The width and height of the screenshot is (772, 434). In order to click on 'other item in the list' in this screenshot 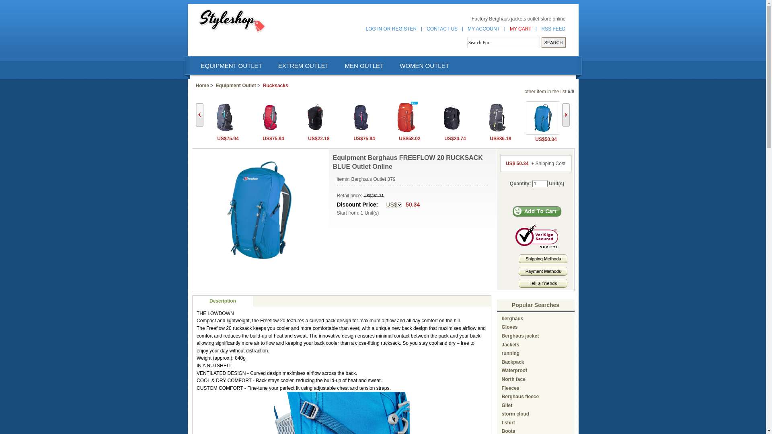, I will do `click(545, 91)`.